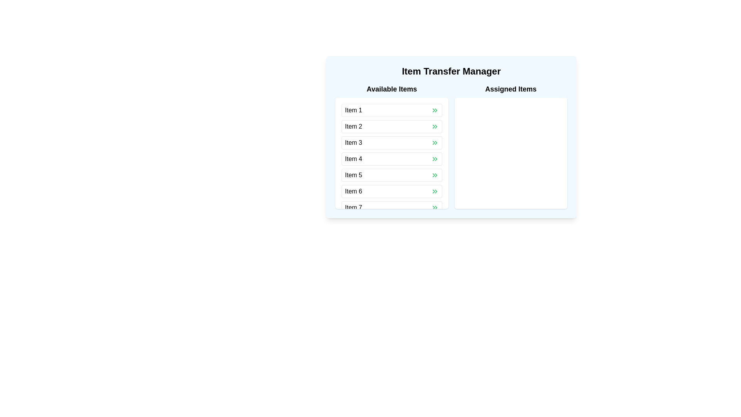 The image size is (741, 417). Describe the element at coordinates (435, 159) in the screenshot. I see `the button located to the right of the text 'Item 4' in the fourth row of the 'Available Items' list in the 'Item Transfer Manager' section to initiate the transfer of the item` at that location.